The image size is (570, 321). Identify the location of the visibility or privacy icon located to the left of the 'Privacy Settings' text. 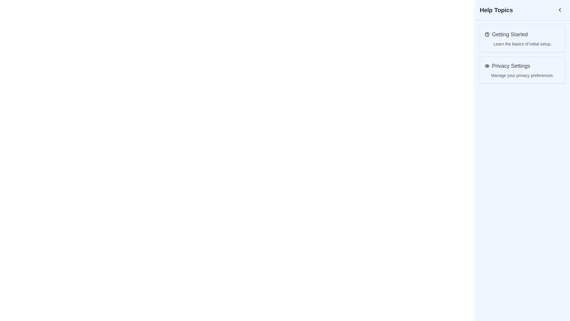
(487, 66).